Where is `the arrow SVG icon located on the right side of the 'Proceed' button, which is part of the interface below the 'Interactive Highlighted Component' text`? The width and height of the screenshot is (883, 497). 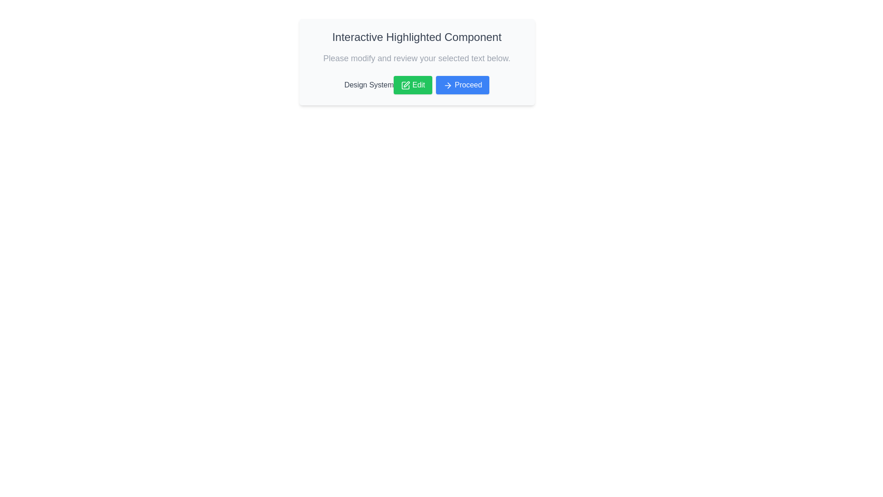 the arrow SVG icon located on the right side of the 'Proceed' button, which is part of the interface below the 'Interactive Highlighted Component' text is located at coordinates (448, 85).